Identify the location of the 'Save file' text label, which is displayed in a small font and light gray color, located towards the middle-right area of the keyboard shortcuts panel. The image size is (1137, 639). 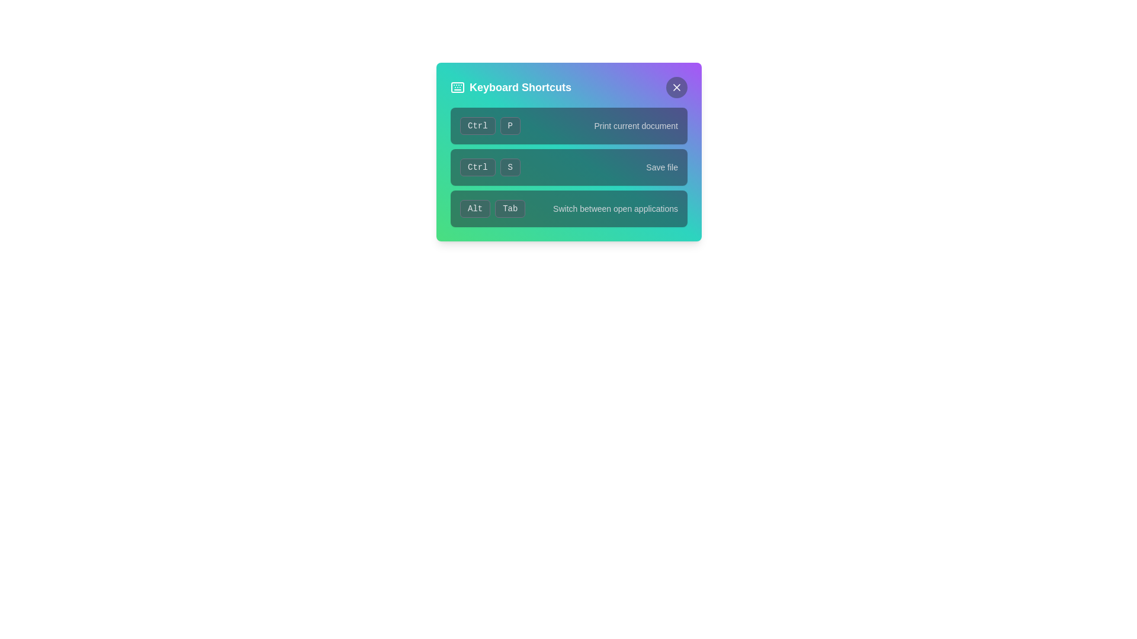
(661, 167).